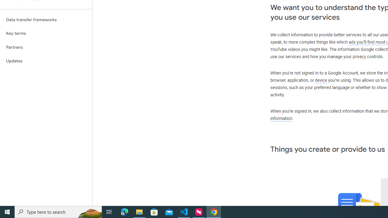 Image resolution: width=388 pixels, height=218 pixels. Describe the element at coordinates (46, 47) in the screenshot. I see `'Partners'` at that location.